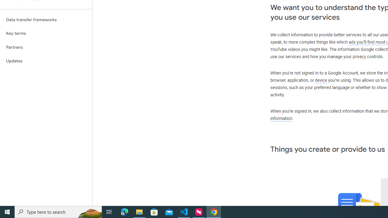 Image resolution: width=388 pixels, height=218 pixels. Describe the element at coordinates (46, 47) in the screenshot. I see `'Partners'` at that location.